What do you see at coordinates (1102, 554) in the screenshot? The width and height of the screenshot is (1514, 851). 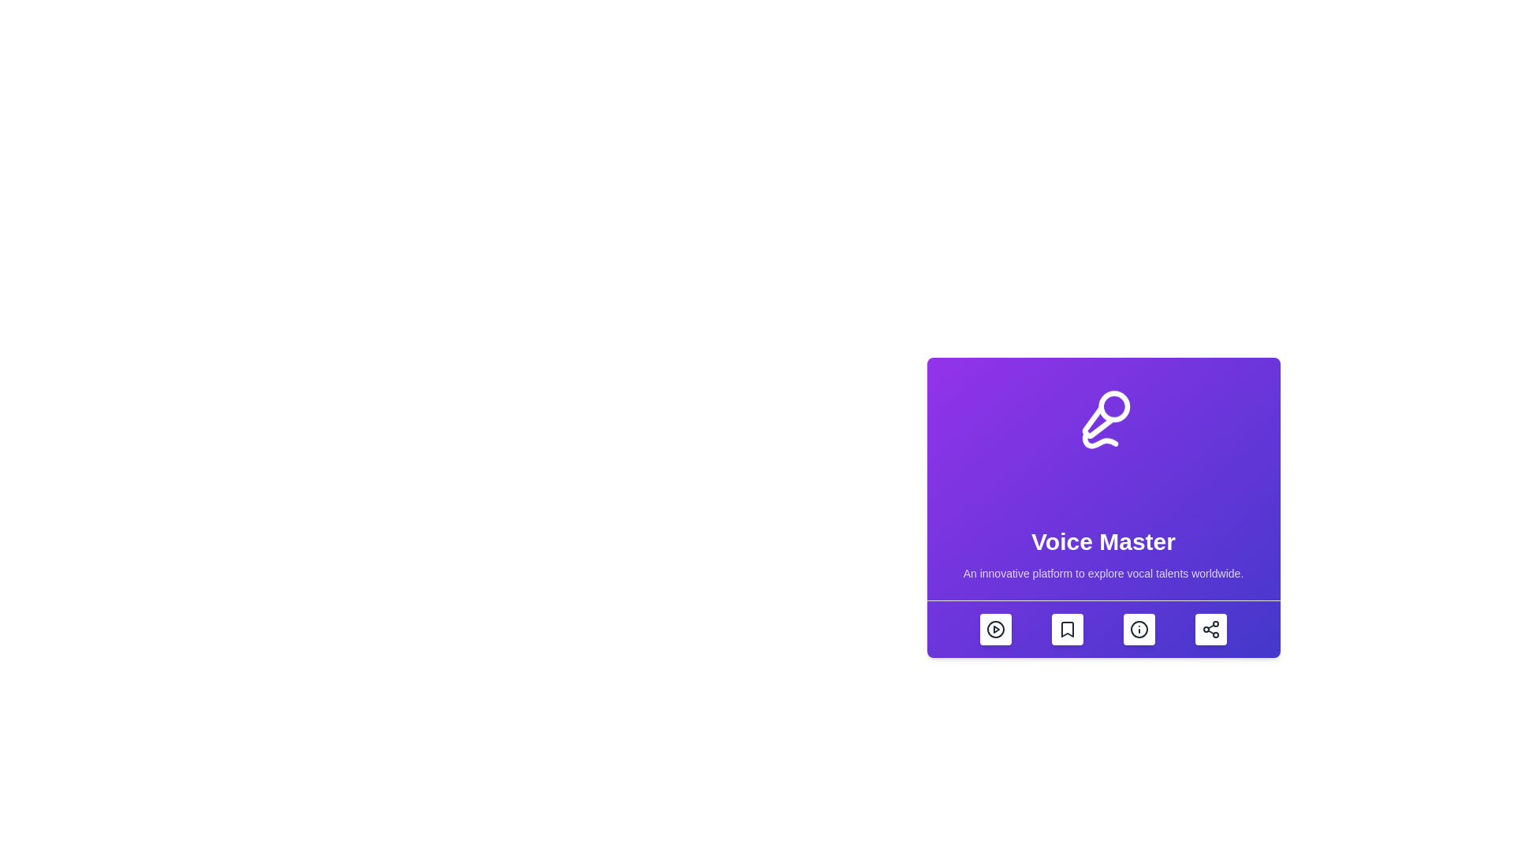 I see `the text block titled 'Voice Master' which contains the subtitle 'An innovative platform to explore vocal talents worldwide.' for accessibility purposes` at bounding box center [1102, 554].